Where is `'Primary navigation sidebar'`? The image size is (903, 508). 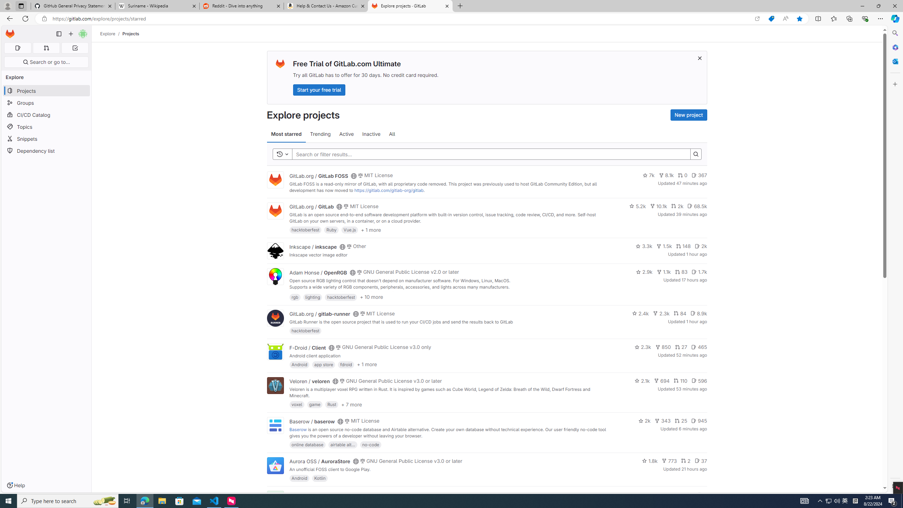 'Primary navigation sidebar' is located at coordinates (59, 34).